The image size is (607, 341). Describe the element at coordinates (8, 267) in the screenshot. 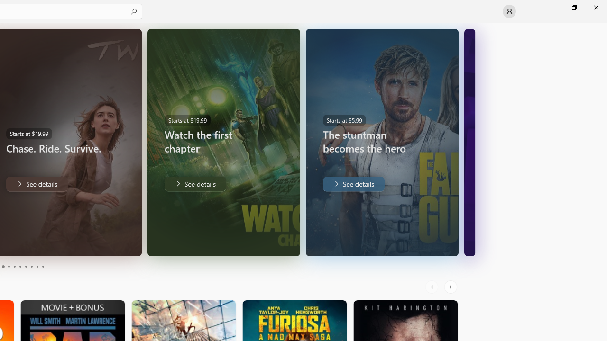

I see `'Page 4'` at that location.